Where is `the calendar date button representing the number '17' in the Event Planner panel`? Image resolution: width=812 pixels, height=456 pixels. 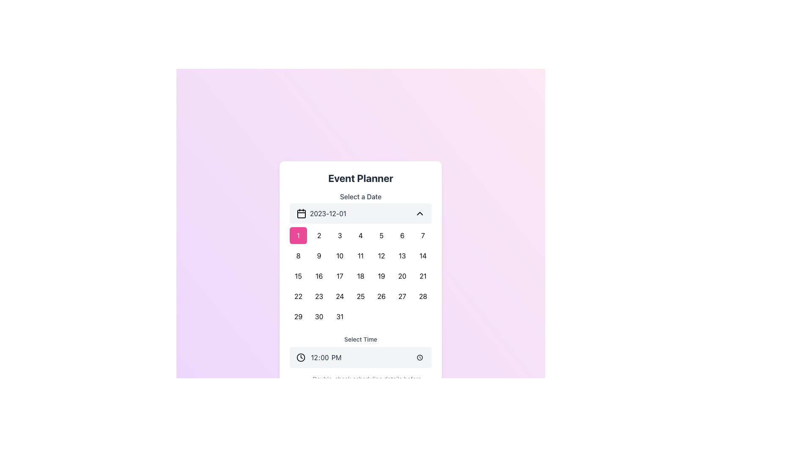 the calendar date button representing the number '17' in the Event Planner panel is located at coordinates (340, 276).